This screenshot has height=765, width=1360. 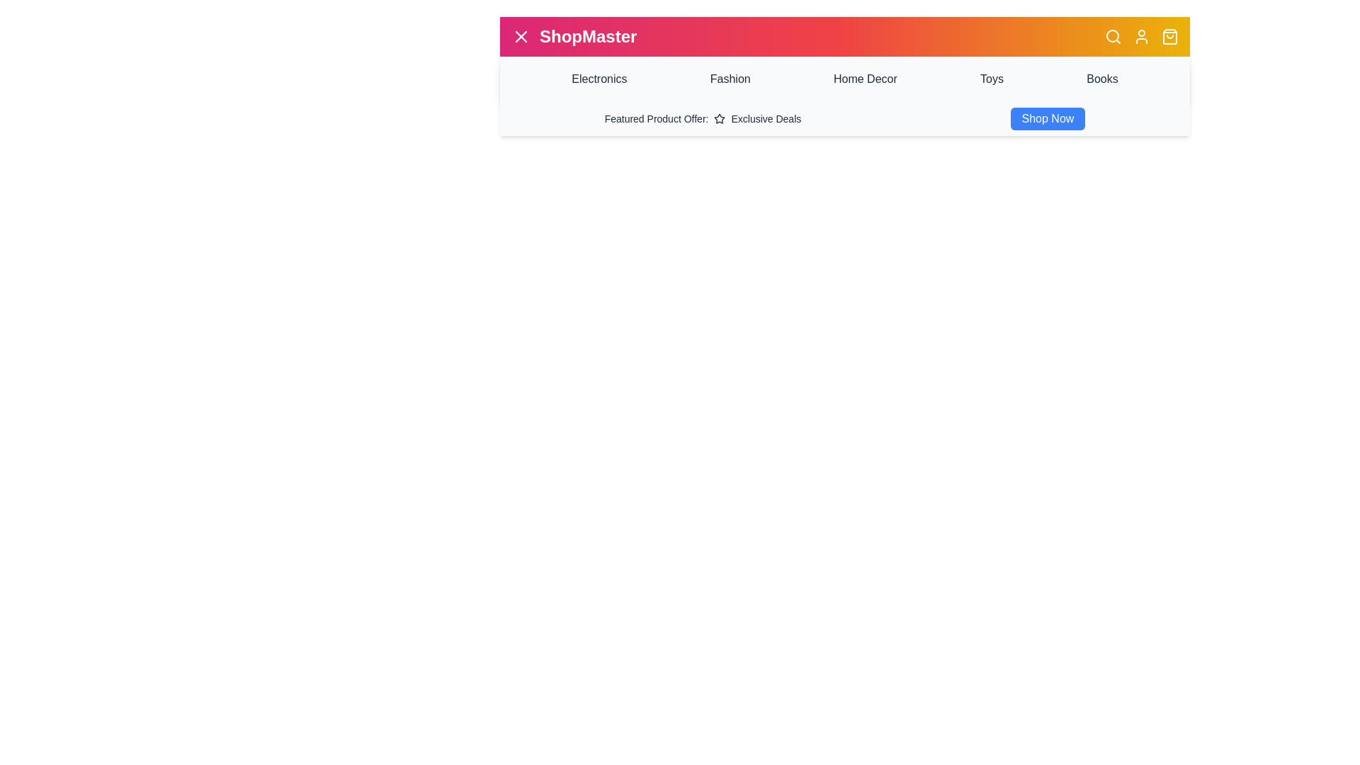 I want to click on the category Electronics to navigate to the respective section, so click(x=599, y=79).